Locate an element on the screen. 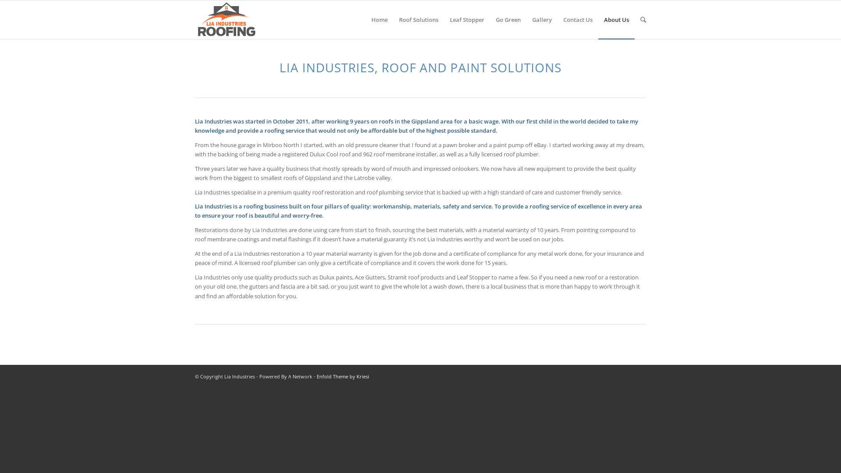 This screenshot has width=841, height=473. 'About Us' is located at coordinates (616, 20).